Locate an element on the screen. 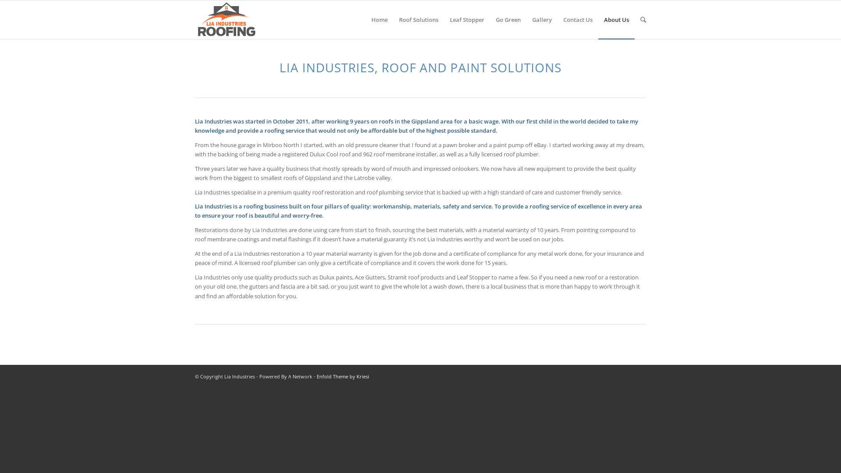 This screenshot has width=841, height=473. 'About Us' is located at coordinates (616, 20).